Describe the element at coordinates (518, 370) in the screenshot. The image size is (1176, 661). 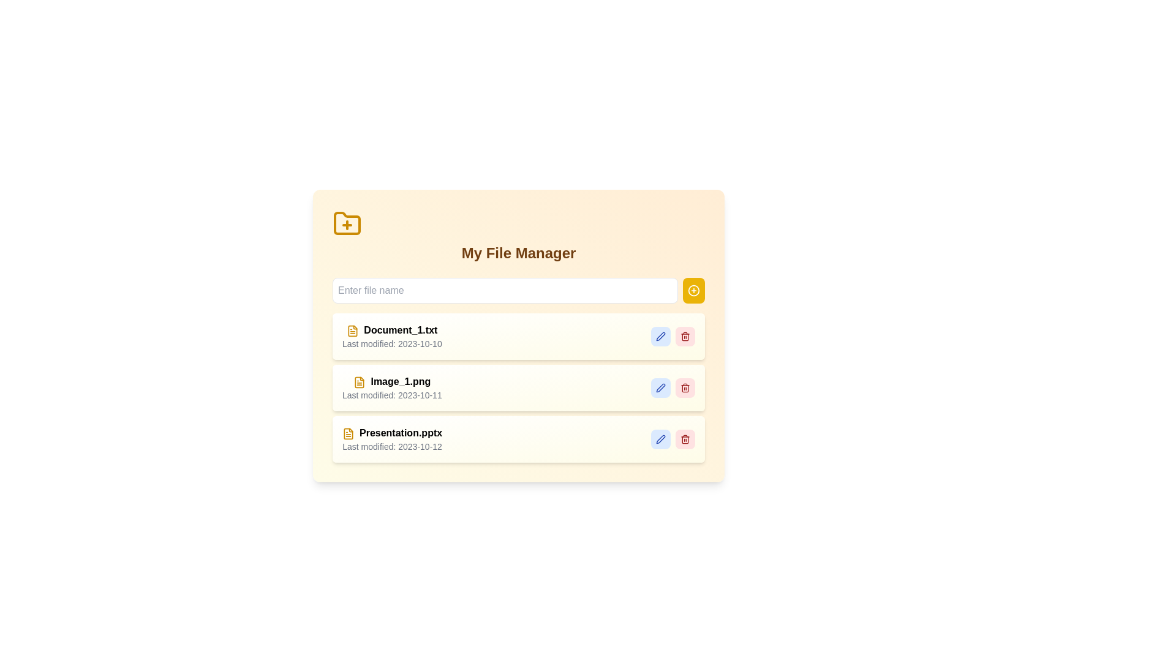
I see `the second item in the list titled 'My File Manager'` at that location.